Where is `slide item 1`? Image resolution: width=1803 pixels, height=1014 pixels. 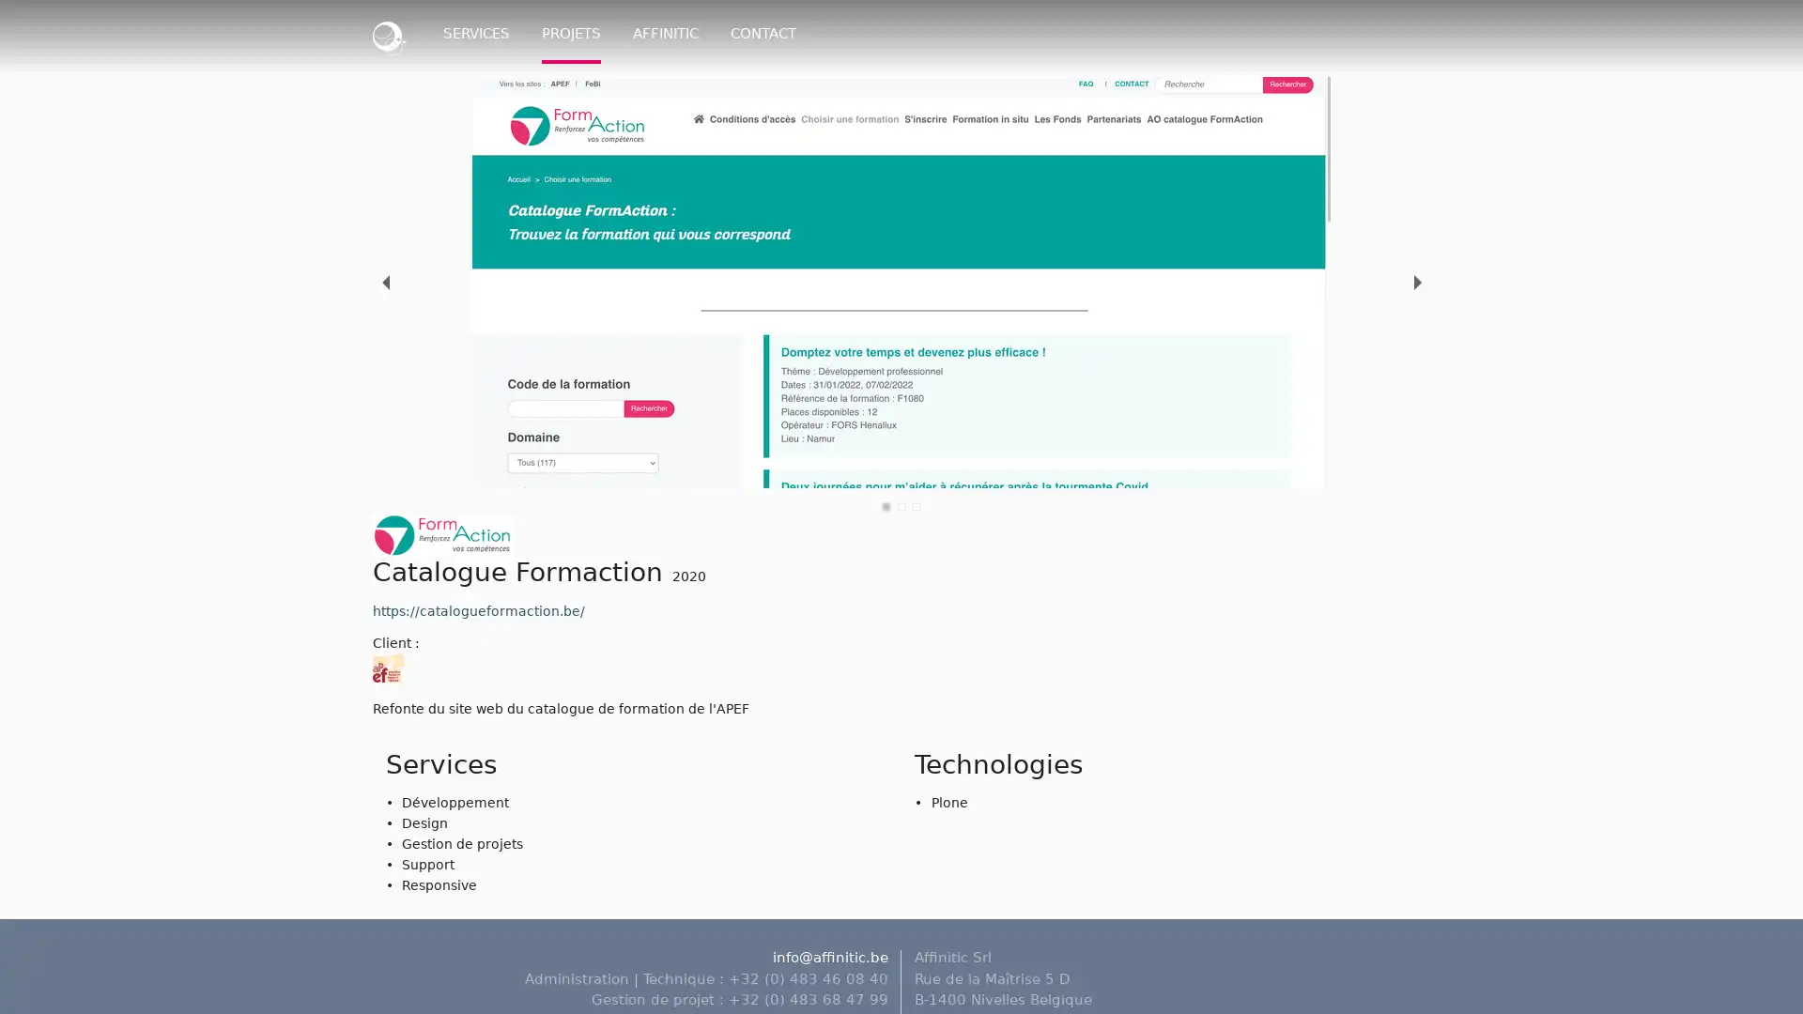
slide item 1 is located at coordinates (886, 611).